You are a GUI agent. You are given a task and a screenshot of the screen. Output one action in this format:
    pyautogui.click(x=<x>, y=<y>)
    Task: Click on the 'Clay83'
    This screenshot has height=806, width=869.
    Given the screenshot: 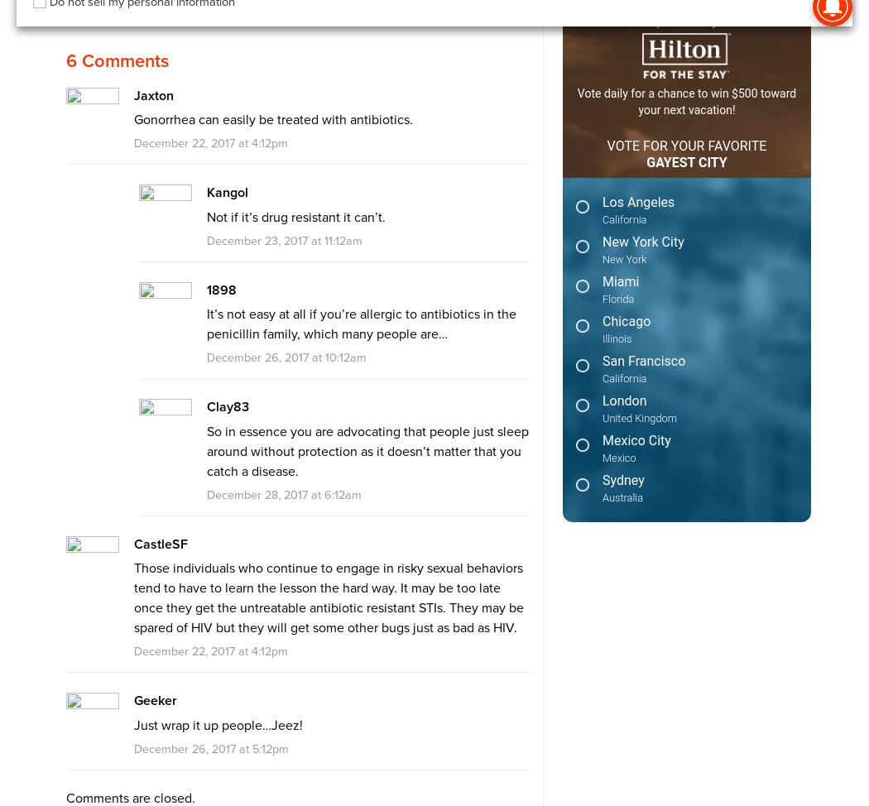 What is the action you would take?
    pyautogui.click(x=226, y=406)
    